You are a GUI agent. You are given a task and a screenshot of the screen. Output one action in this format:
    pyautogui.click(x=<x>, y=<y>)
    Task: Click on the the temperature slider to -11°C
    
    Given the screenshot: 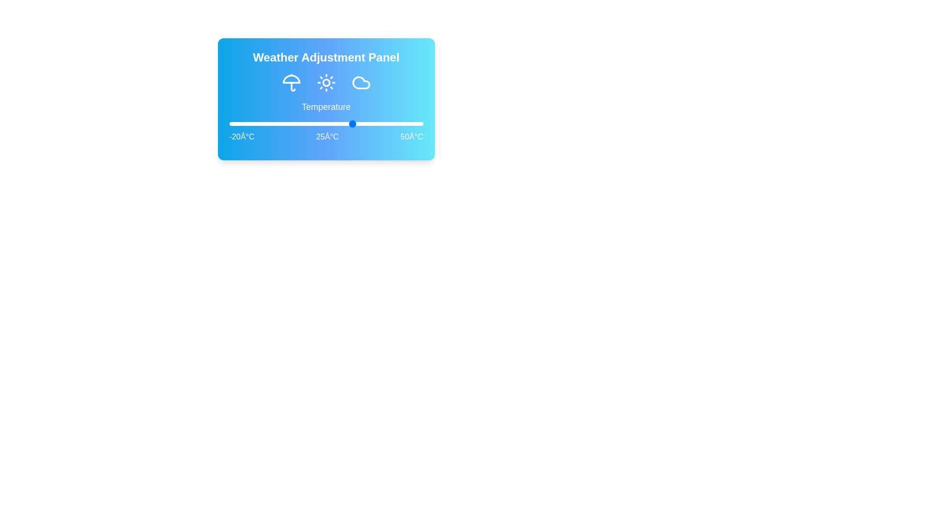 What is the action you would take?
    pyautogui.click(x=254, y=123)
    